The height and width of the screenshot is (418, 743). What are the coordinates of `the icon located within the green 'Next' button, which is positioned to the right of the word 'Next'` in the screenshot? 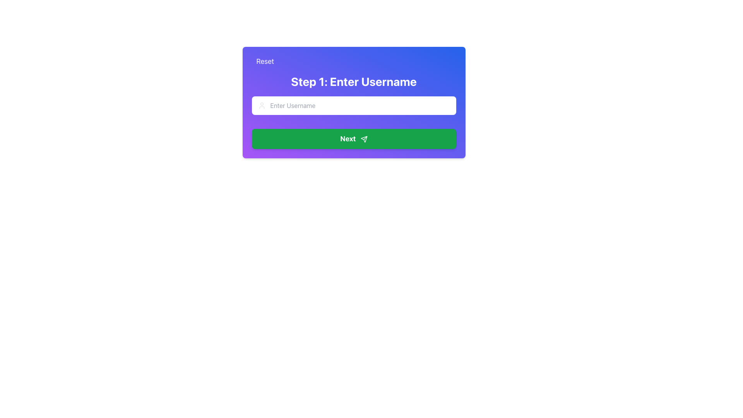 It's located at (363, 139).